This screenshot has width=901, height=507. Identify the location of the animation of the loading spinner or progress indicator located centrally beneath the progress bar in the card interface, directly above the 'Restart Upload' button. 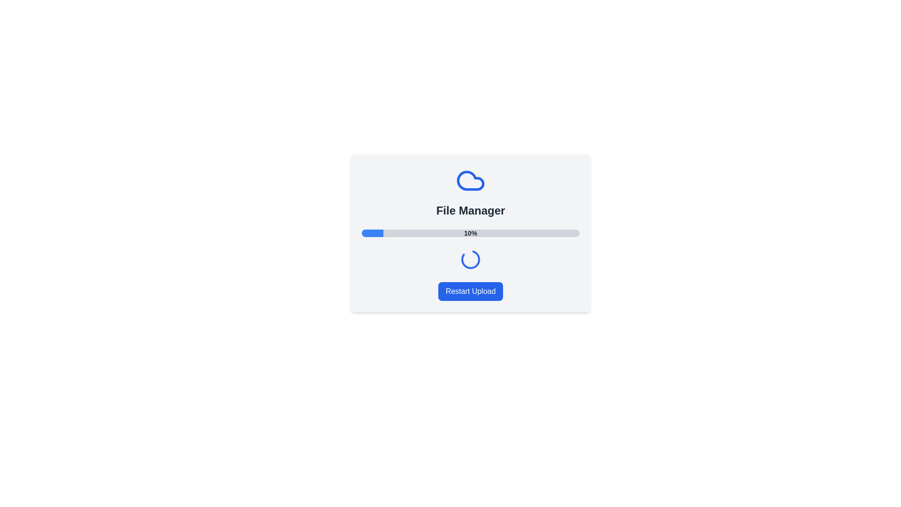
(471, 259).